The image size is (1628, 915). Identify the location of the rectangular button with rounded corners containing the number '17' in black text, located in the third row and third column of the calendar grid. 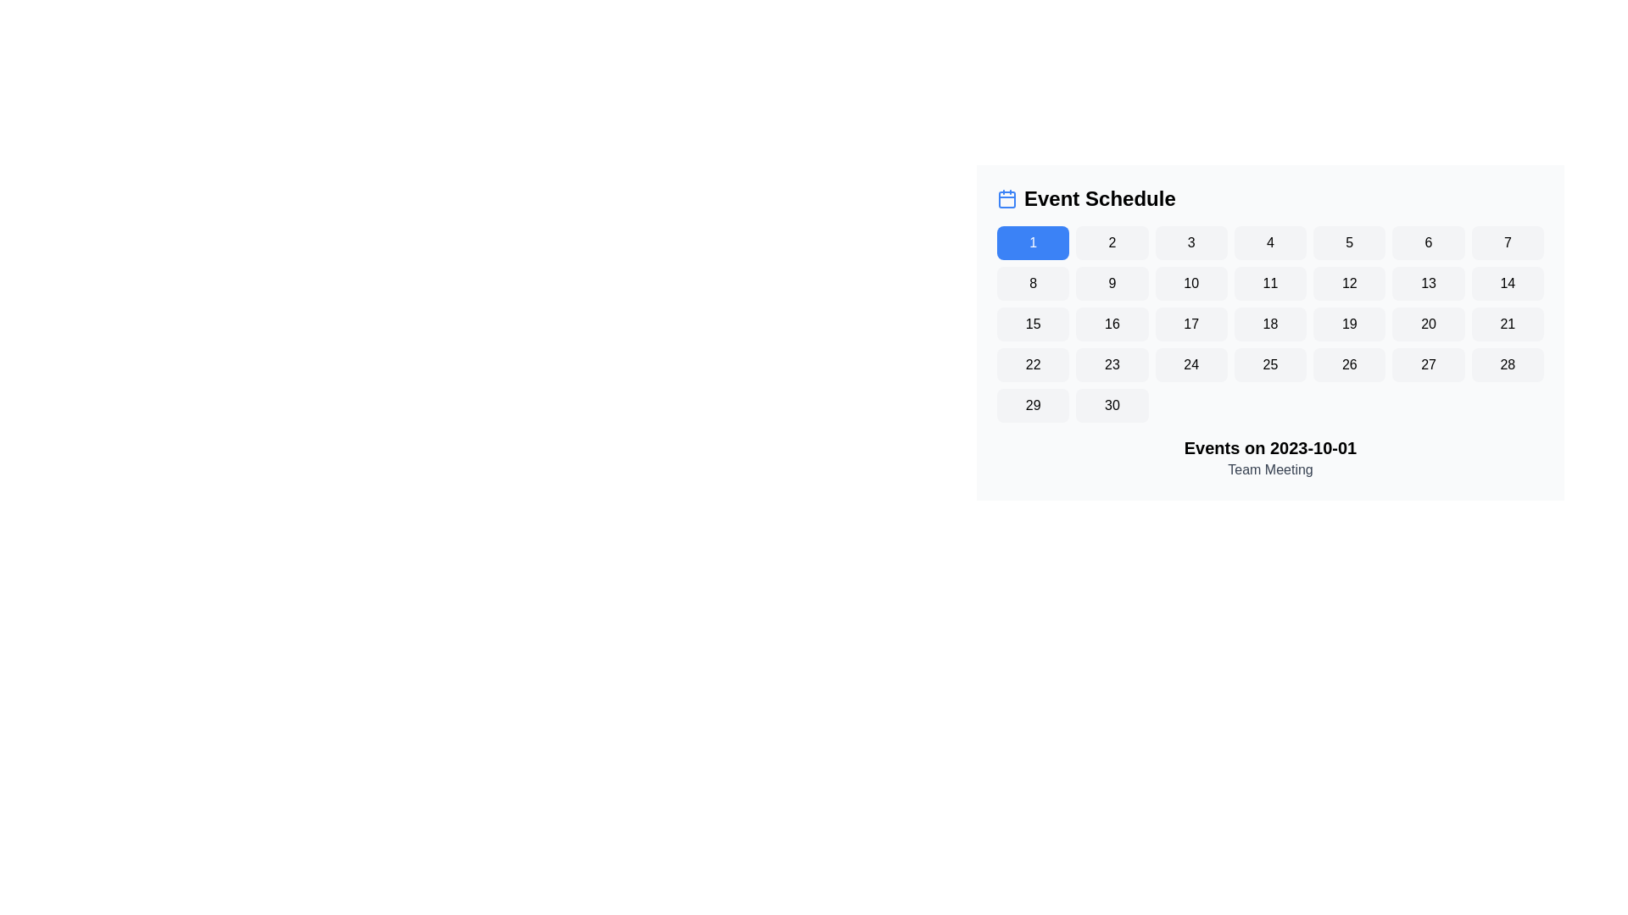
(1190, 324).